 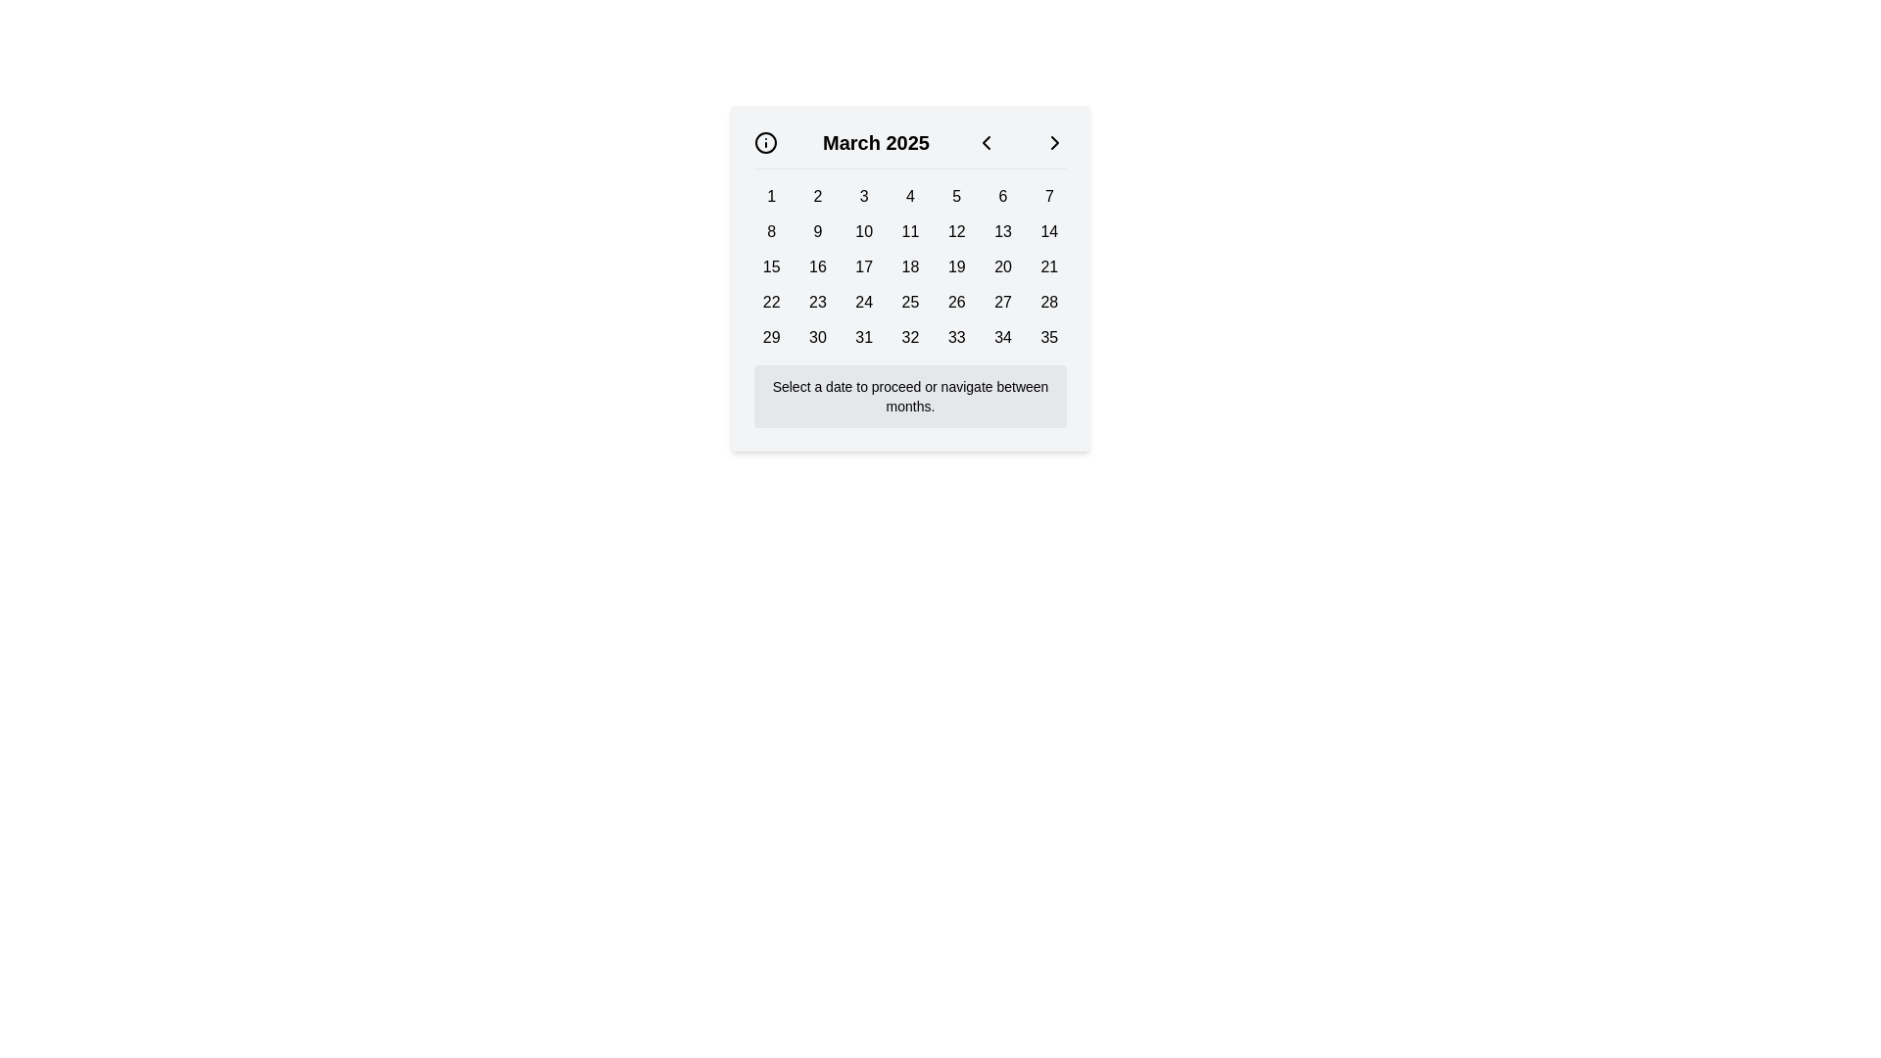 What do you see at coordinates (765, 142) in the screenshot?
I see `the circular outline icon located in the top-left corner of the calendar component, next to the current month text` at bounding box center [765, 142].